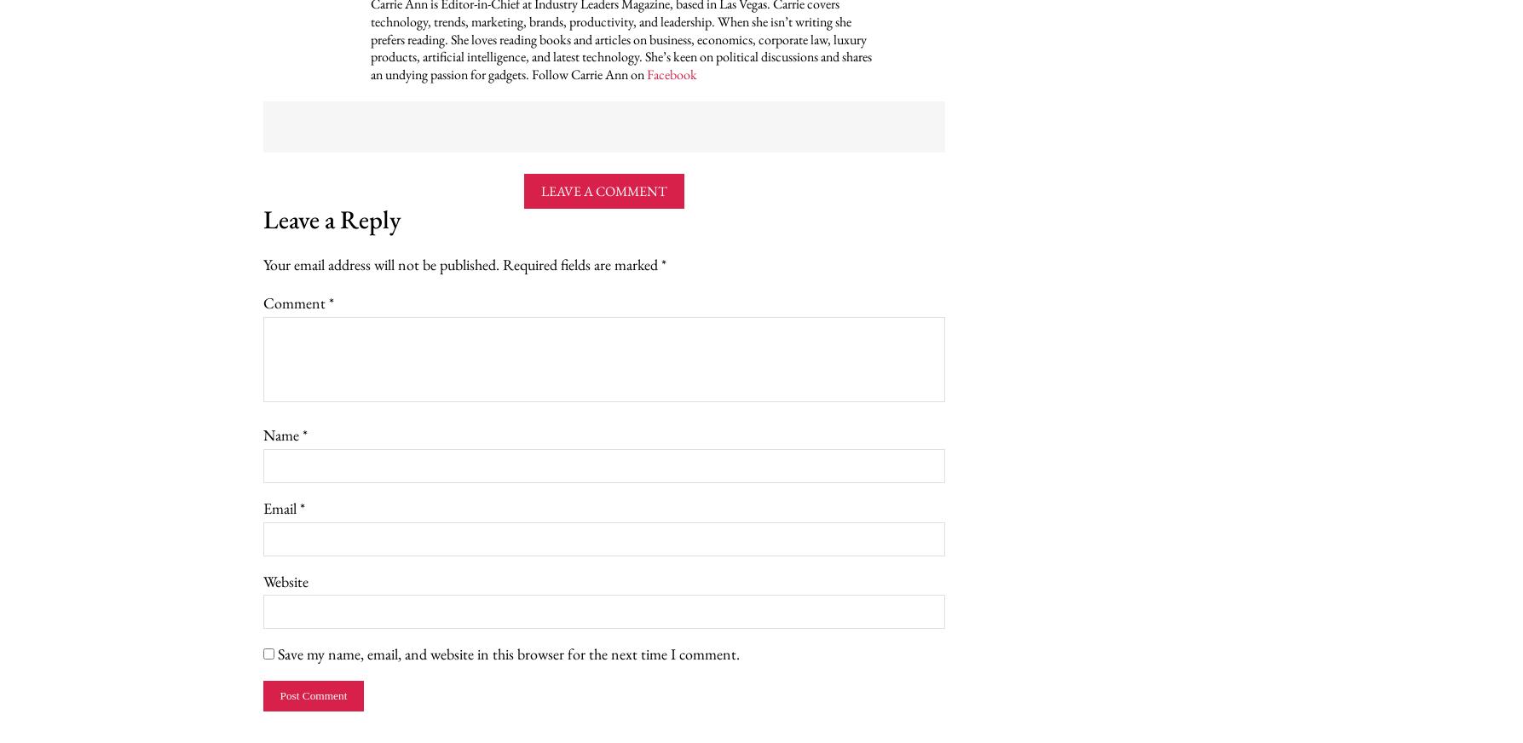 Image resolution: width=1523 pixels, height=743 pixels. What do you see at coordinates (280, 434) in the screenshot?
I see `'Name'` at bounding box center [280, 434].